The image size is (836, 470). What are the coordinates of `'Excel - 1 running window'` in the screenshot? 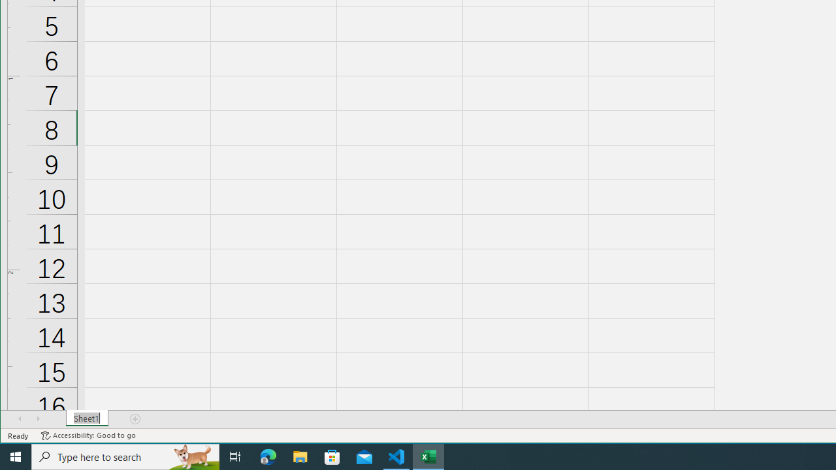 It's located at (428, 456).